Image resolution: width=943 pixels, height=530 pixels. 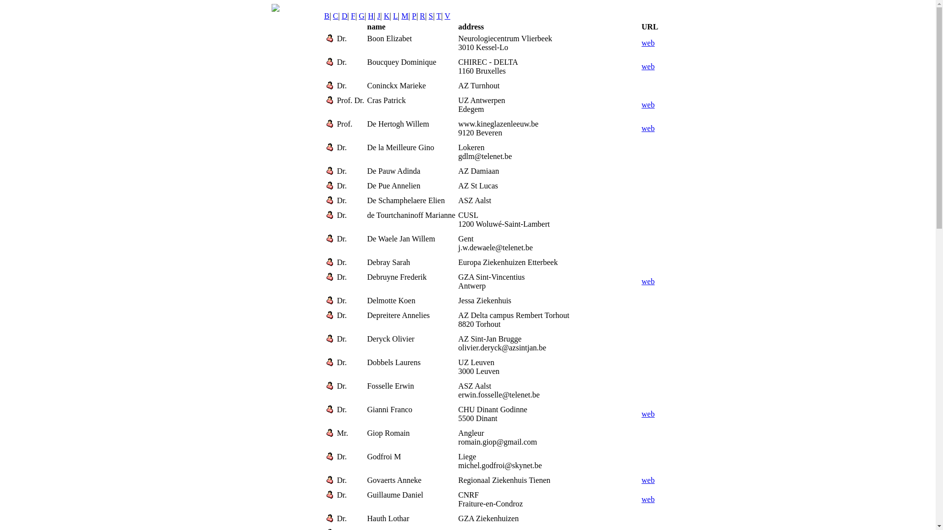 I want to click on 'S', so click(x=431, y=16).